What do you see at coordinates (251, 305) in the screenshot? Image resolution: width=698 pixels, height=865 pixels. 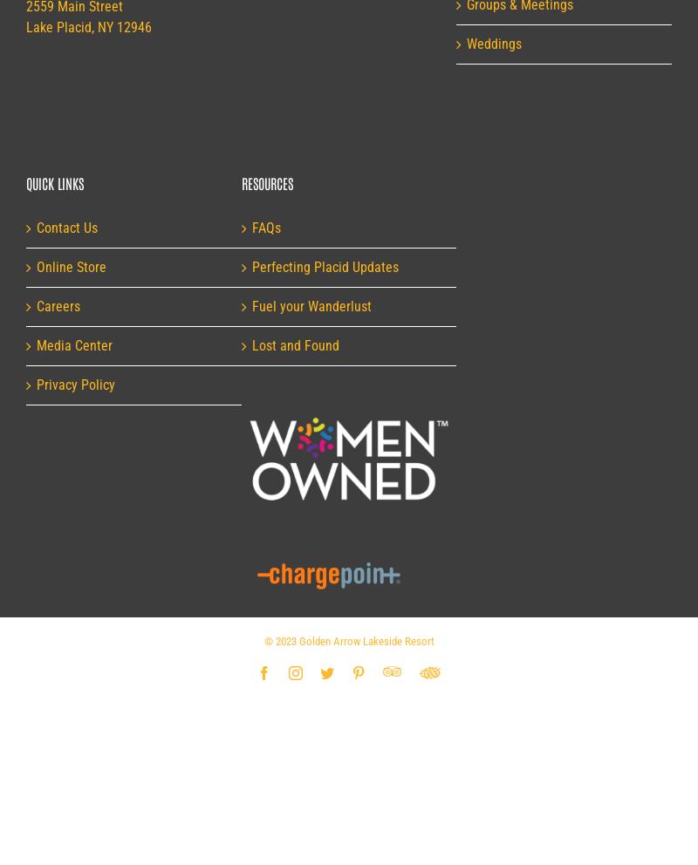 I see `'Fuel your Wanderlust'` at bounding box center [251, 305].